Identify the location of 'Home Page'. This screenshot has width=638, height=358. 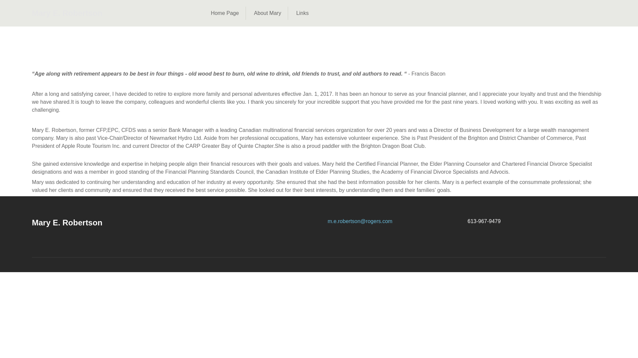
(225, 13).